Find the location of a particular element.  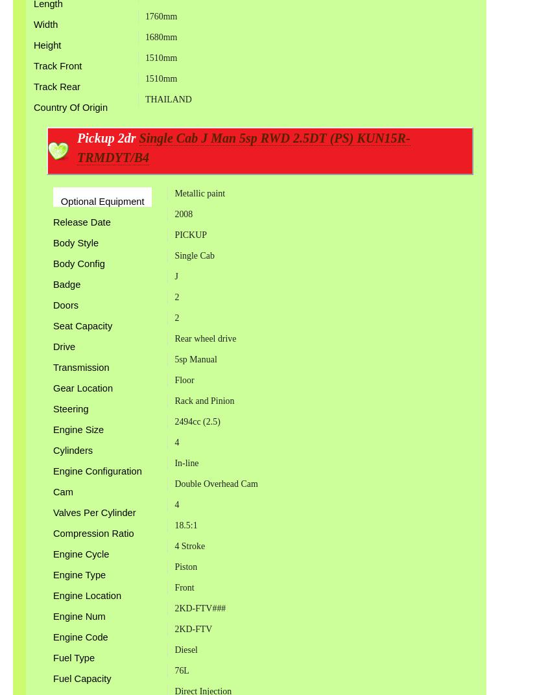

'Single Cab J Man 5sp RWD 2.5DT (PS) KUN15R-TRMDYT/B4' is located at coordinates (243, 148).